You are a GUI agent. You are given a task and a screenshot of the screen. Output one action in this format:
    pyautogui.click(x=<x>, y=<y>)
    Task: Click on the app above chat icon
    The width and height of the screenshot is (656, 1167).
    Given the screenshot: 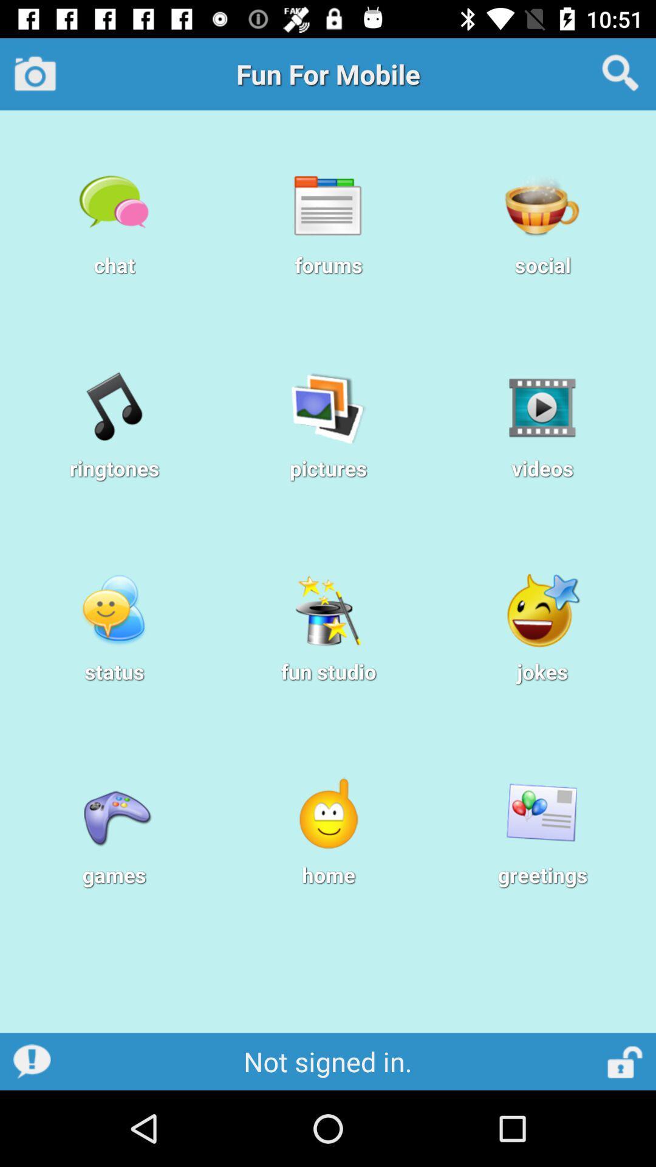 What is the action you would take?
    pyautogui.click(x=35, y=73)
    